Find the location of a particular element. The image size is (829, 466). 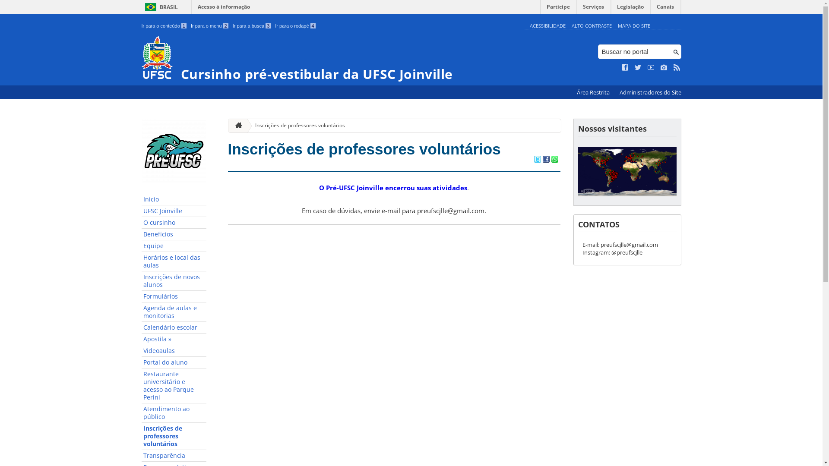

'Canais' is located at coordinates (665, 9).